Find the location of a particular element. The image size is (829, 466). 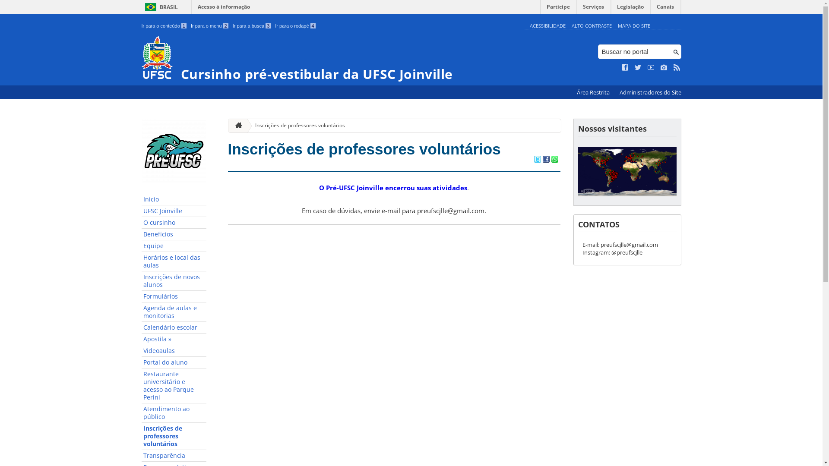

'Canais' is located at coordinates (665, 9).